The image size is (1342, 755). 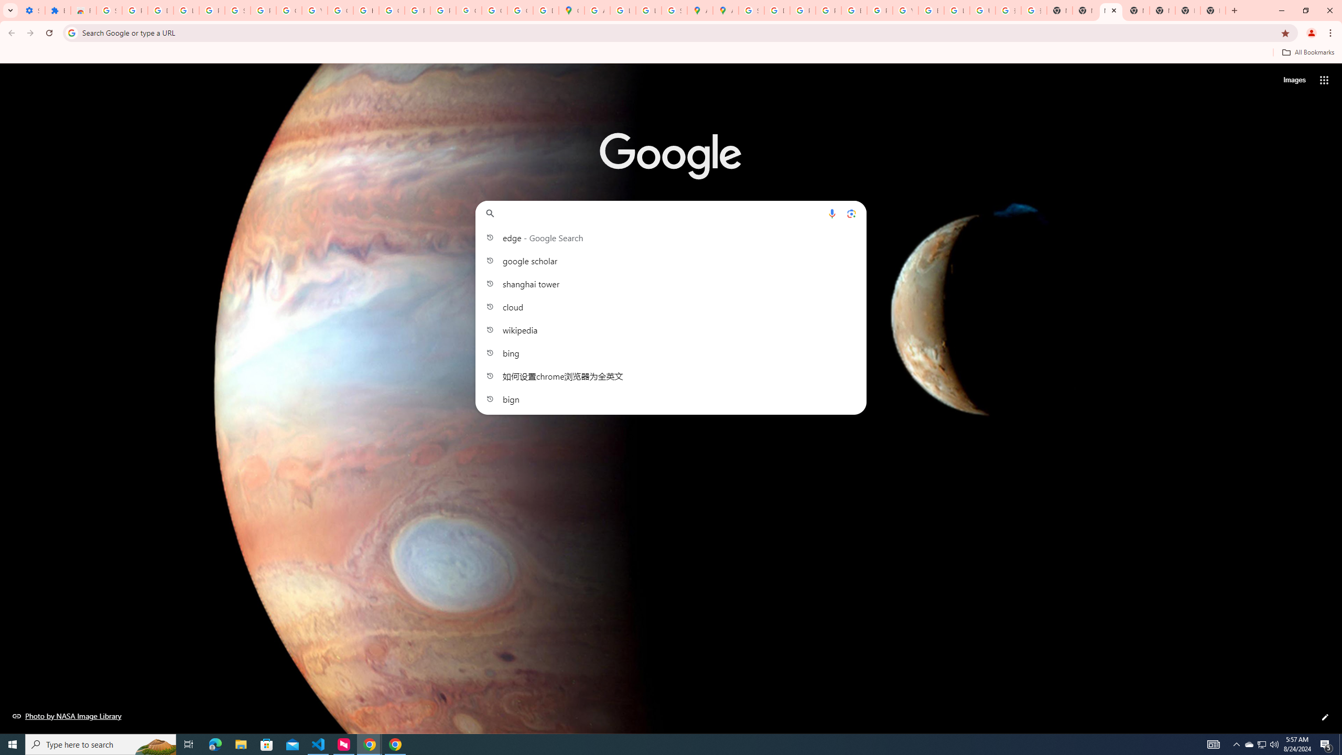 What do you see at coordinates (58, 10) in the screenshot?
I see `'Extensions'` at bounding box center [58, 10].